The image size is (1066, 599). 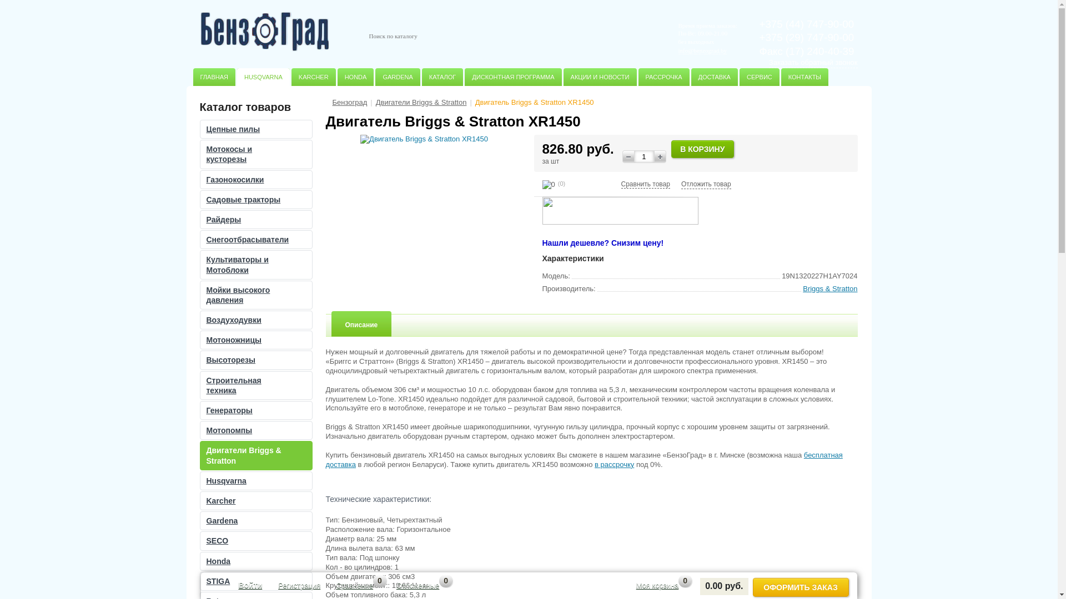 I want to click on 'HONDA', so click(x=356, y=76).